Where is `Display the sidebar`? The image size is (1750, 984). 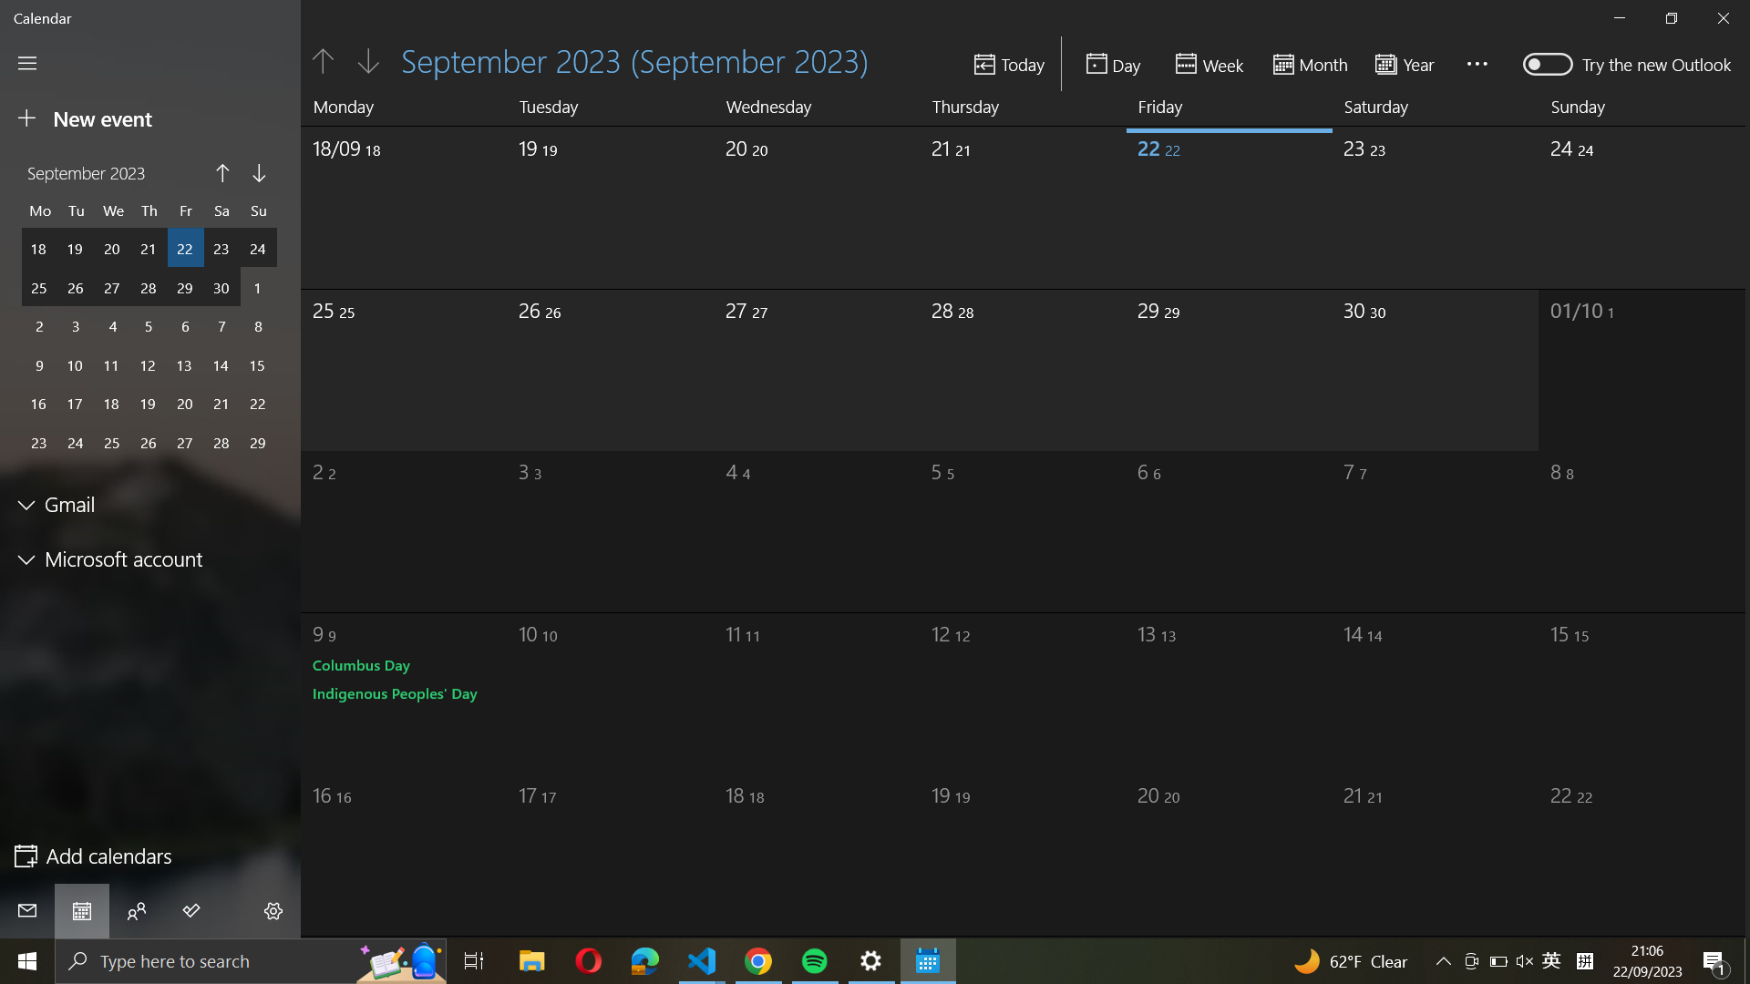 Display the sidebar is located at coordinates (27, 62).